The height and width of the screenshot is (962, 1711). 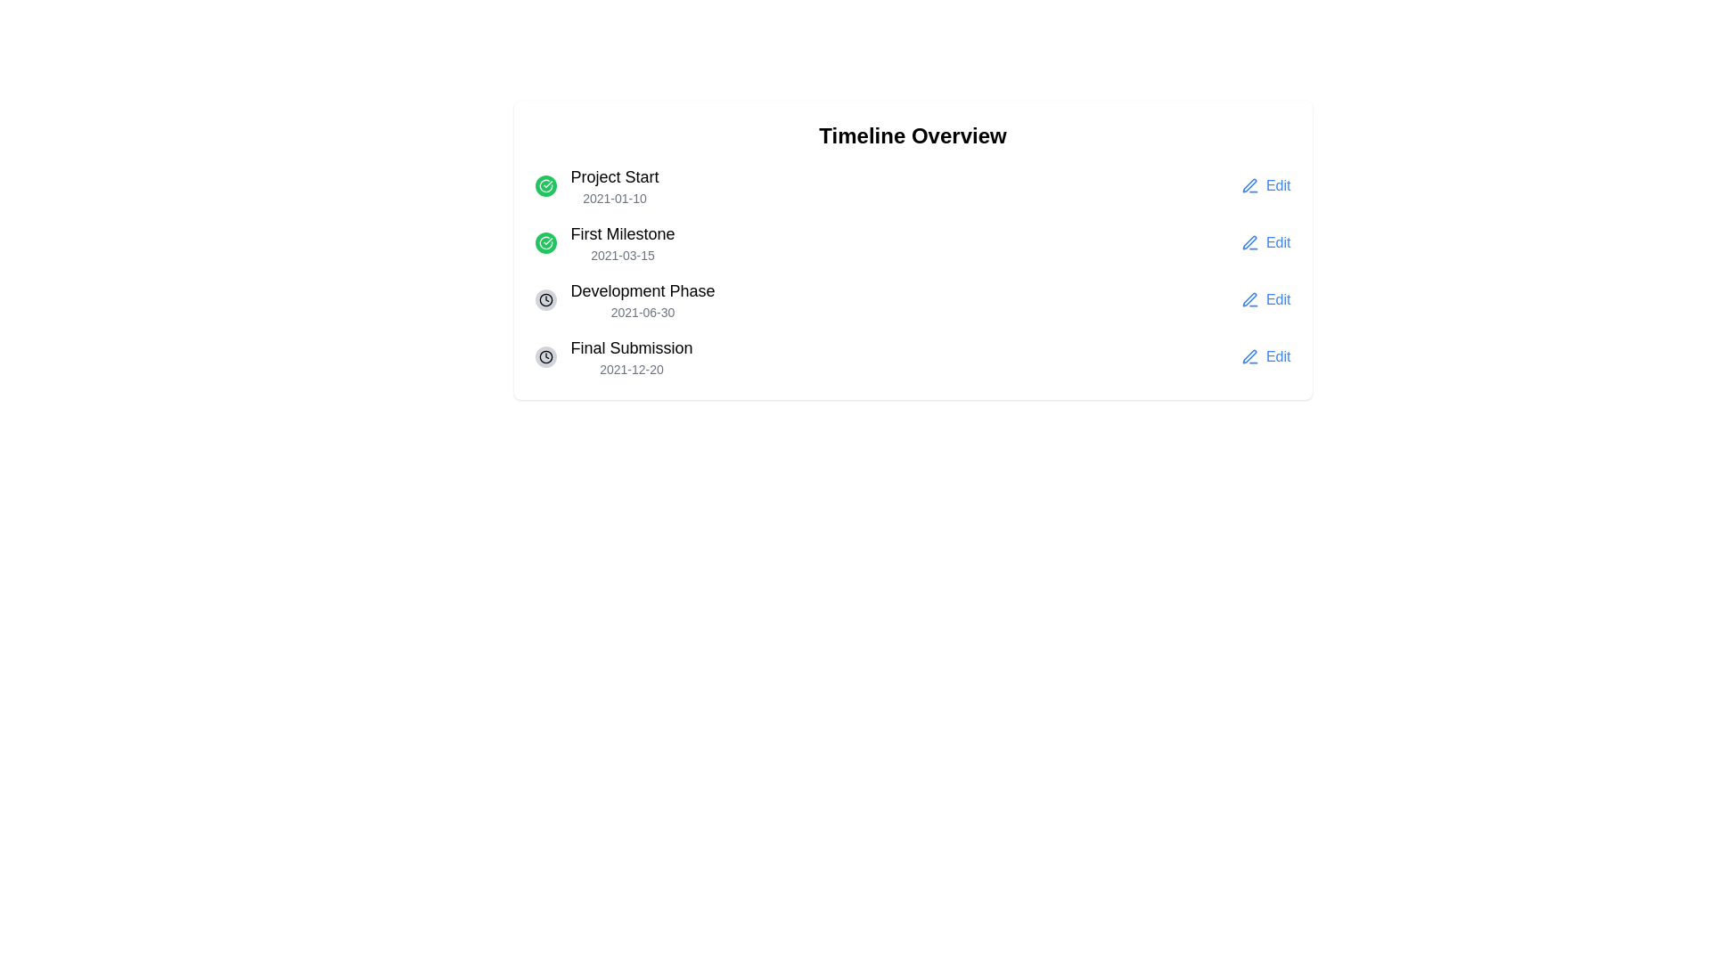 What do you see at coordinates (544, 185) in the screenshot?
I see `the circular green icon with a white checkmark that indicates successful completion, located to the left of the 'Timeline Overview' section aligned with 'Project Start'` at bounding box center [544, 185].